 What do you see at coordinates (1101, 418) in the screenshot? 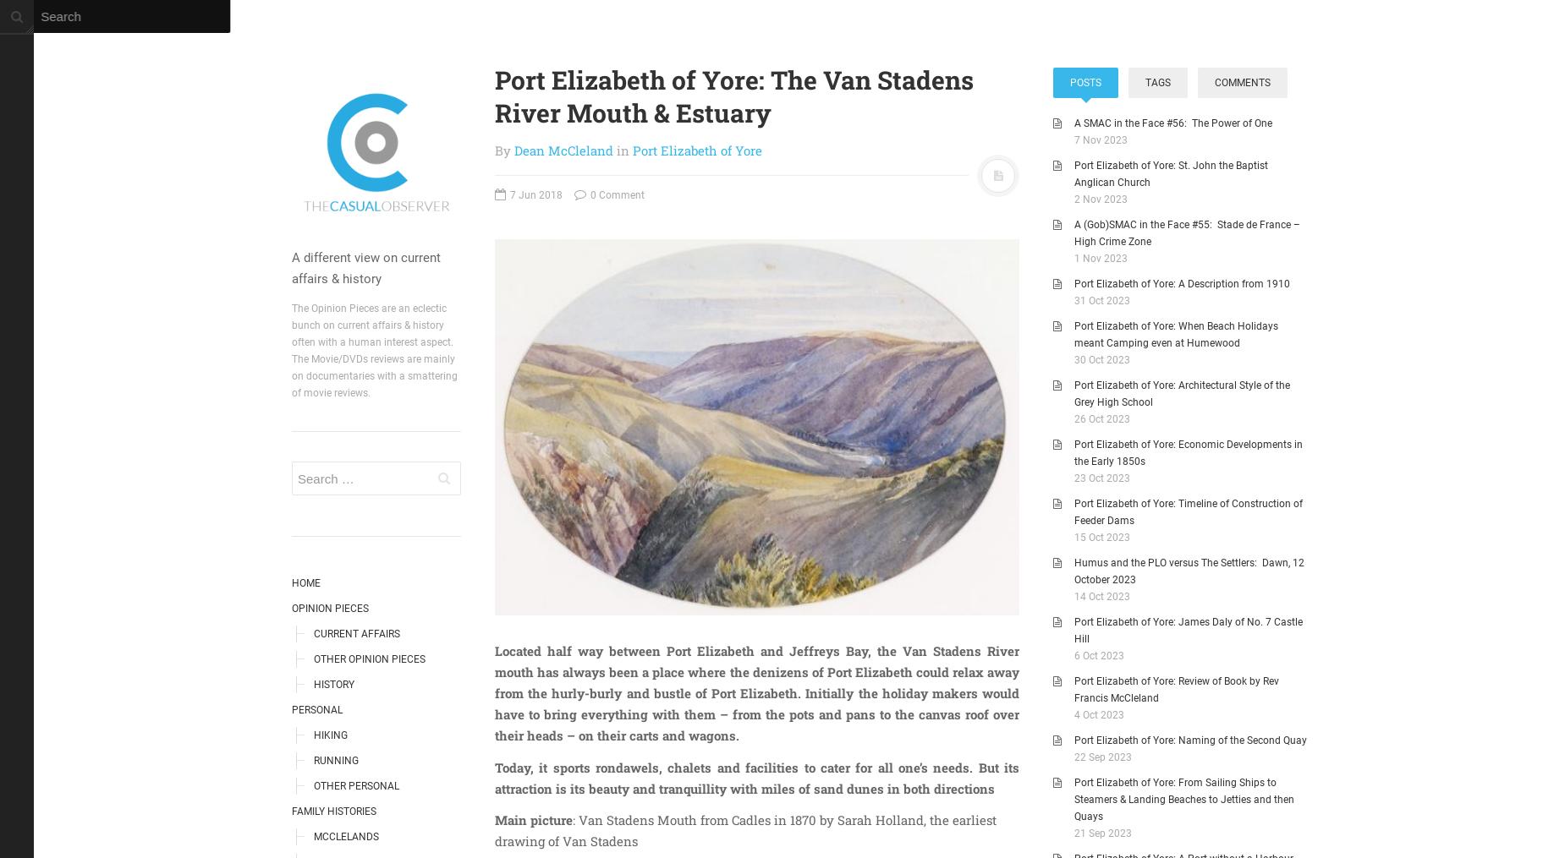
I see `'26 Oct 2023'` at bounding box center [1101, 418].